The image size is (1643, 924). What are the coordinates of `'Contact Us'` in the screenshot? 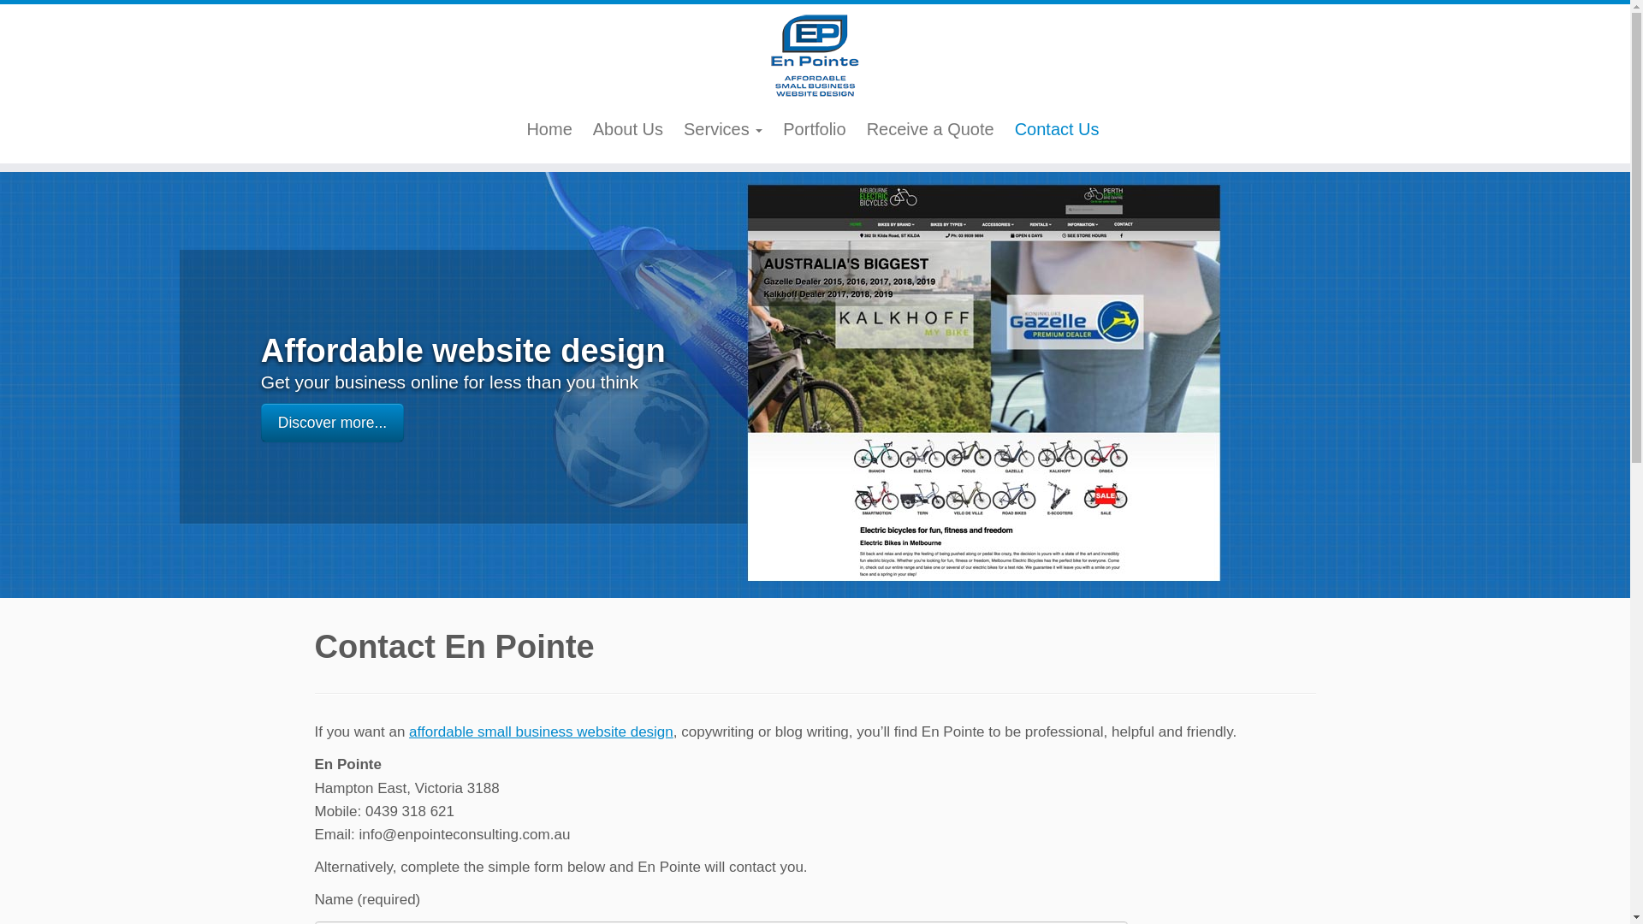 It's located at (1056, 127).